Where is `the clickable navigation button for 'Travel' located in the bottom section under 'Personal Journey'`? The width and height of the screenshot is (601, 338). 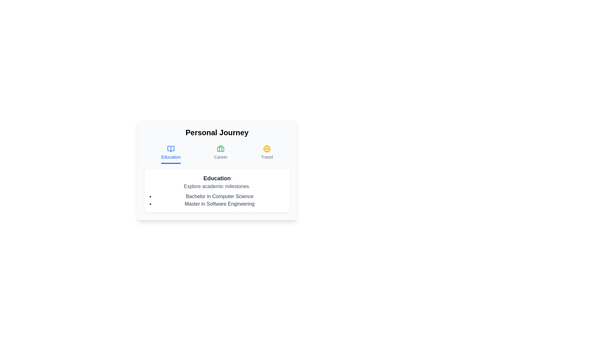
the clickable navigation button for 'Travel' located in the bottom section under 'Personal Journey' is located at coordinates (267, 154).